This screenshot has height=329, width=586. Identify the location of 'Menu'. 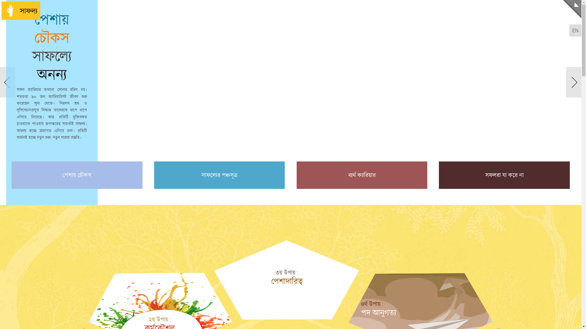
(572, 9).